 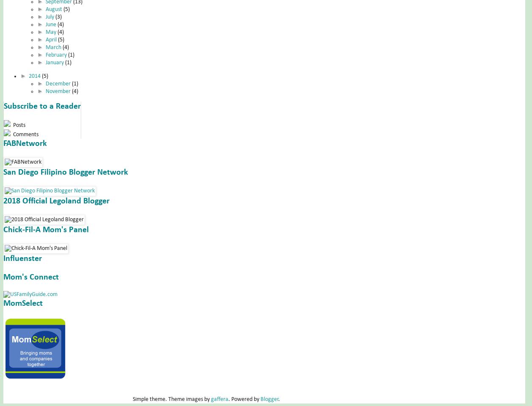 I want to click on '.', so click(x=279, y=399).